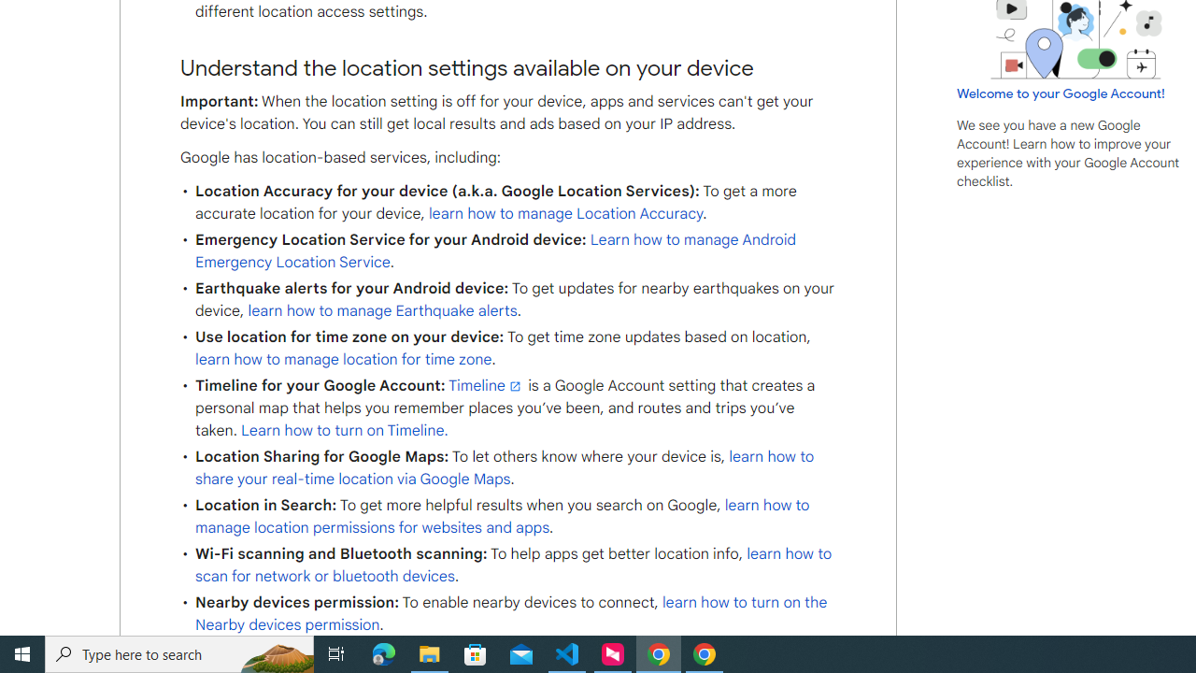 Image resolution: width=1196 pixels, height=673 pixels. I want to click on 'learn how to manage Location Accuracy', so click(564, 212).